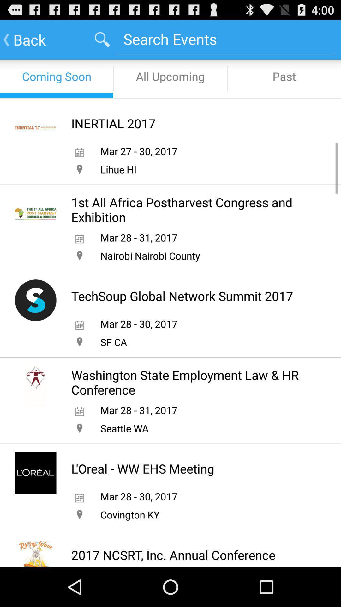 This screenshot has width=341, height=607. Describe the element at coordinates (143, 469) in the screenshot. I see `l oreal ww` at that location.